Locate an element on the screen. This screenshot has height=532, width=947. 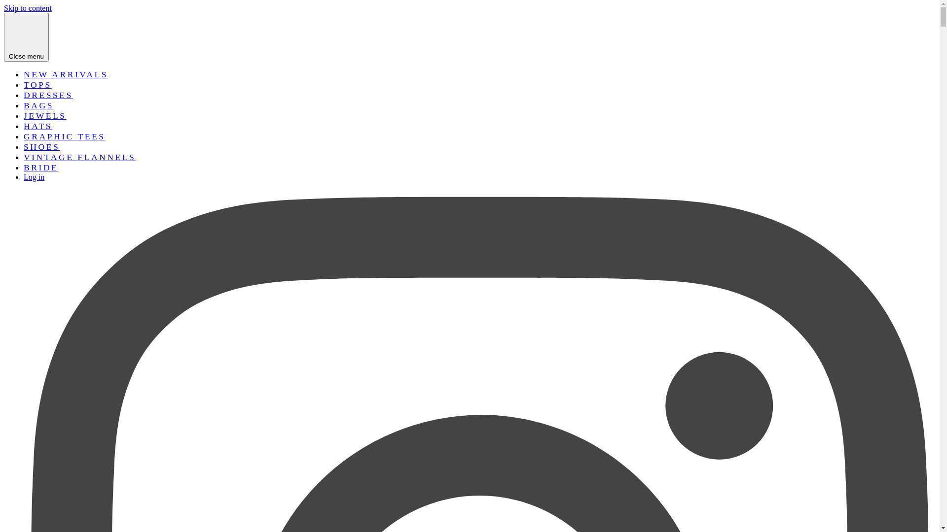
'NEW ARRIVALS' is located at coordinates (65, 73).